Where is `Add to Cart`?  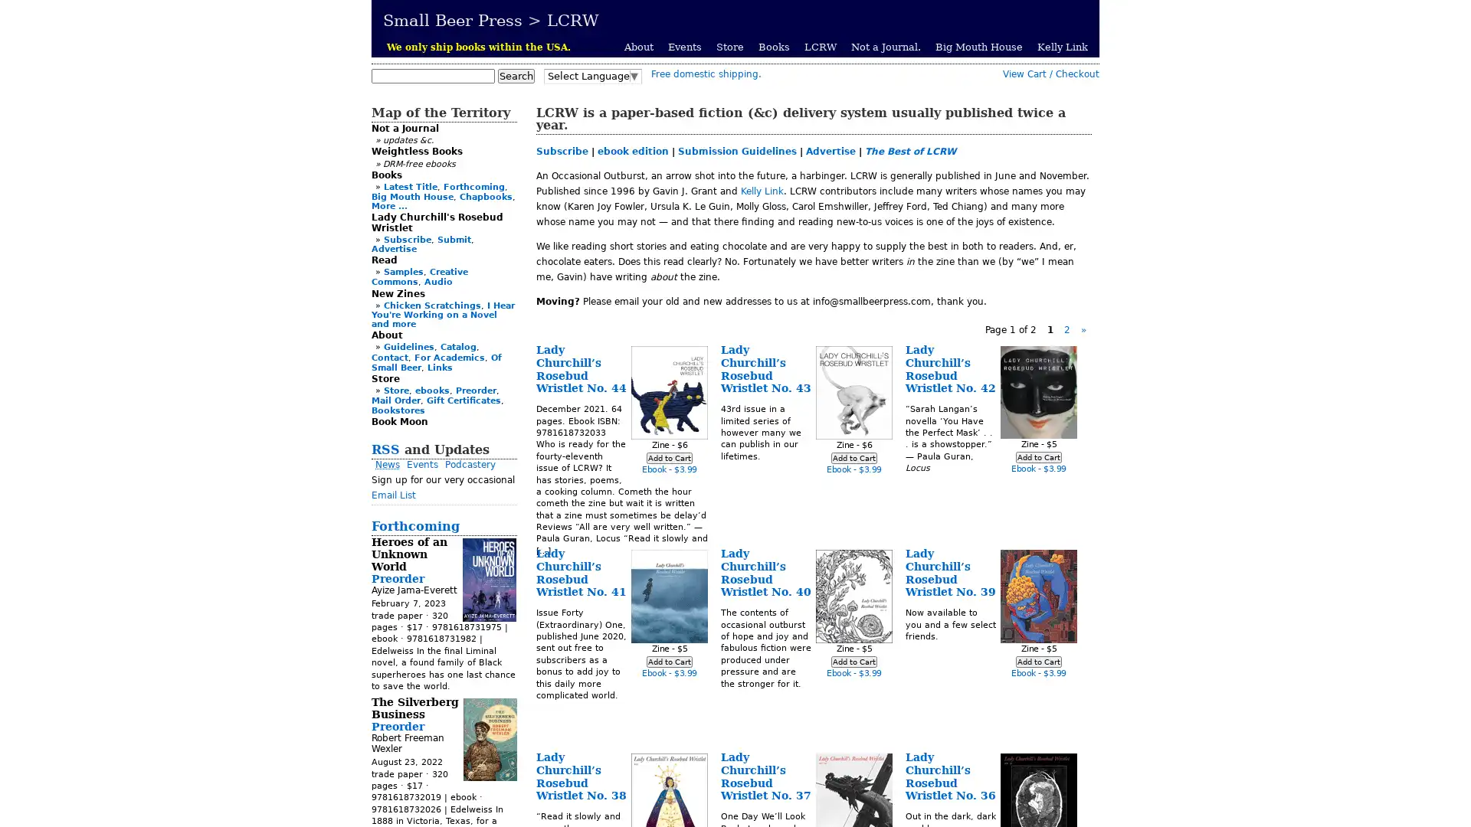
Add to Cart is located at coordinates (853, 456).